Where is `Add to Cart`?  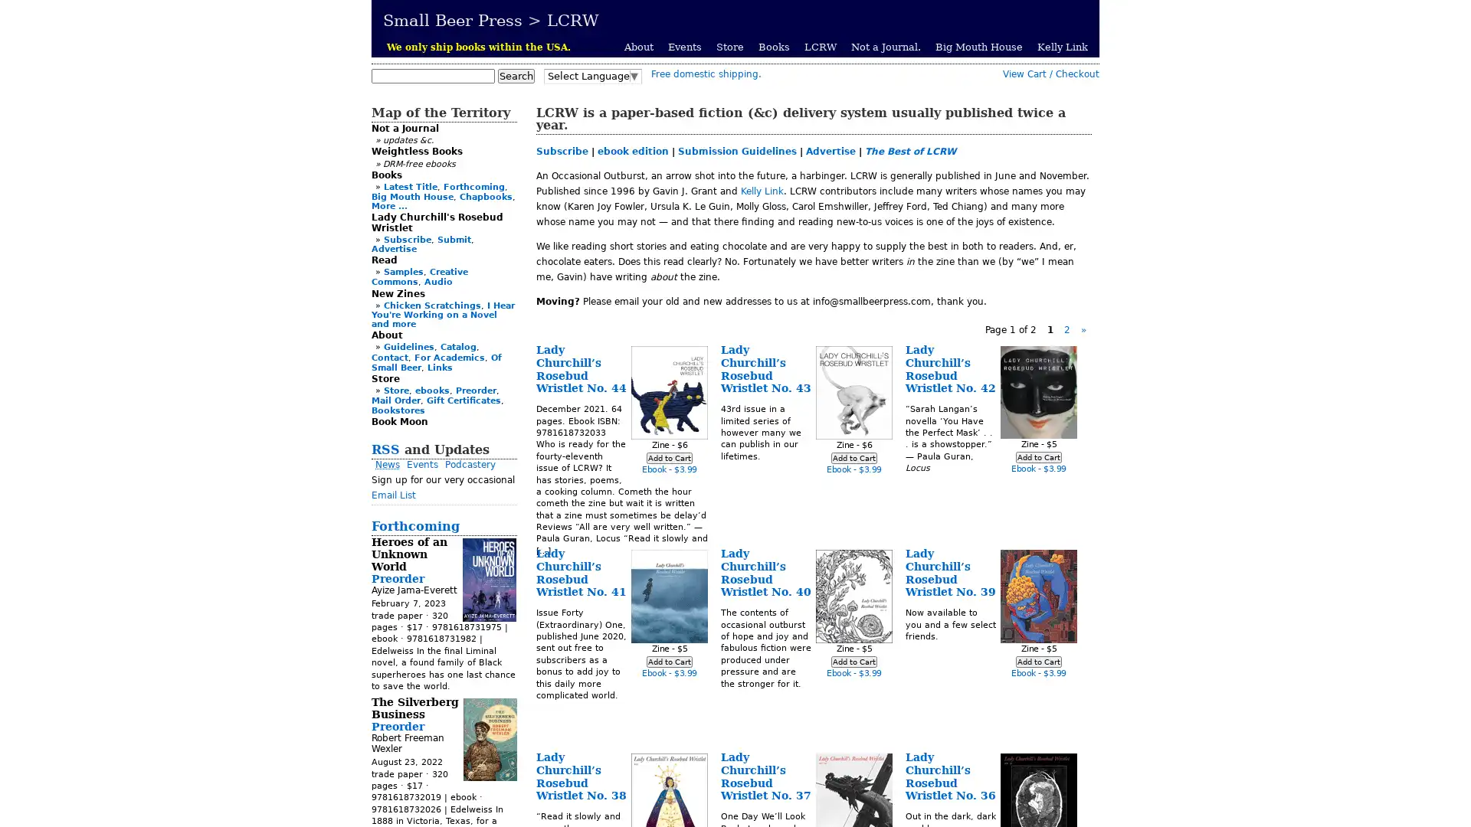
Add to Cart is located at coordinates (853, 456).